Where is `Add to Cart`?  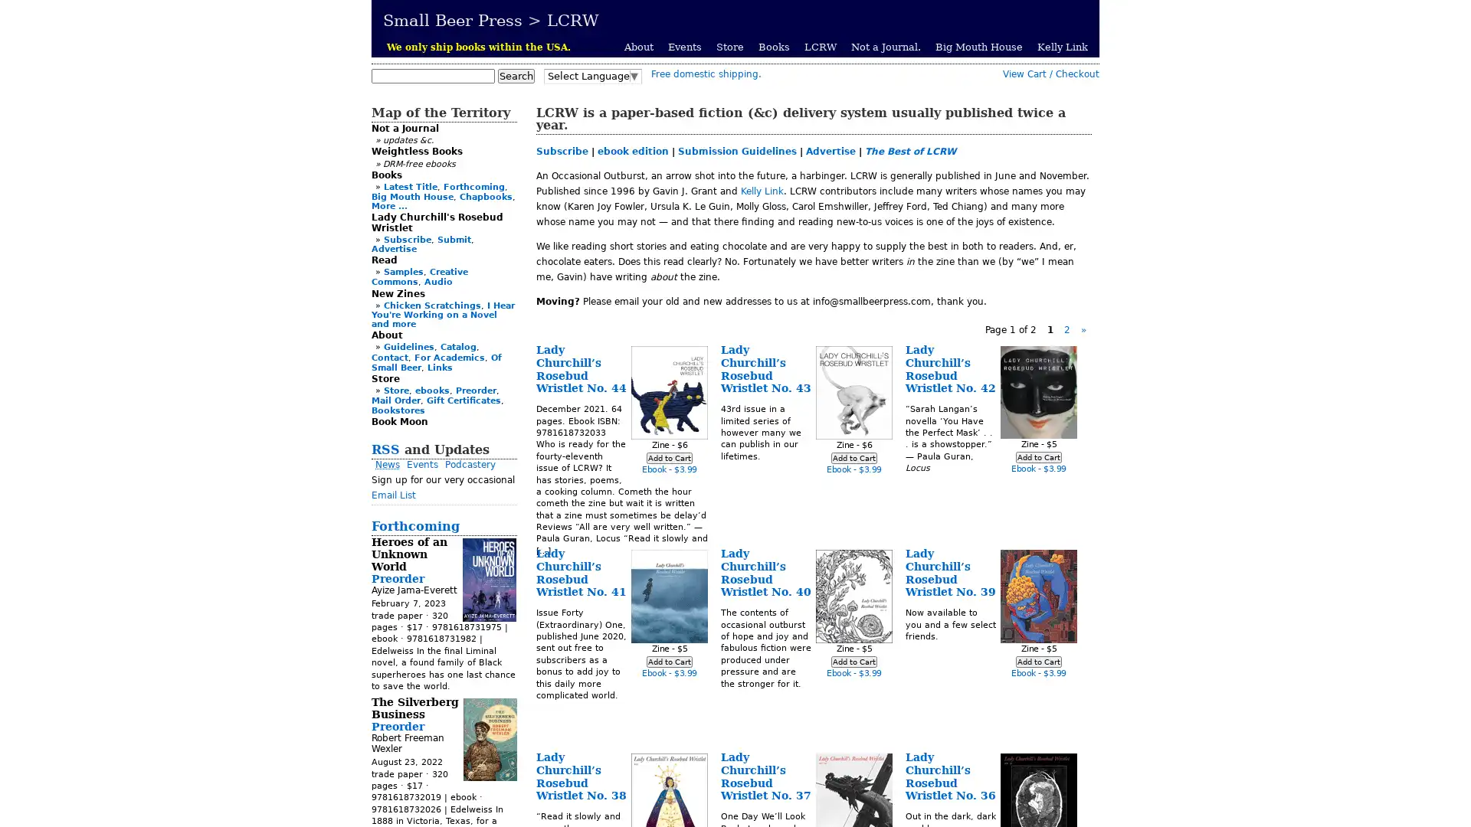
Add to Cart is located at coordinates (853, 456).